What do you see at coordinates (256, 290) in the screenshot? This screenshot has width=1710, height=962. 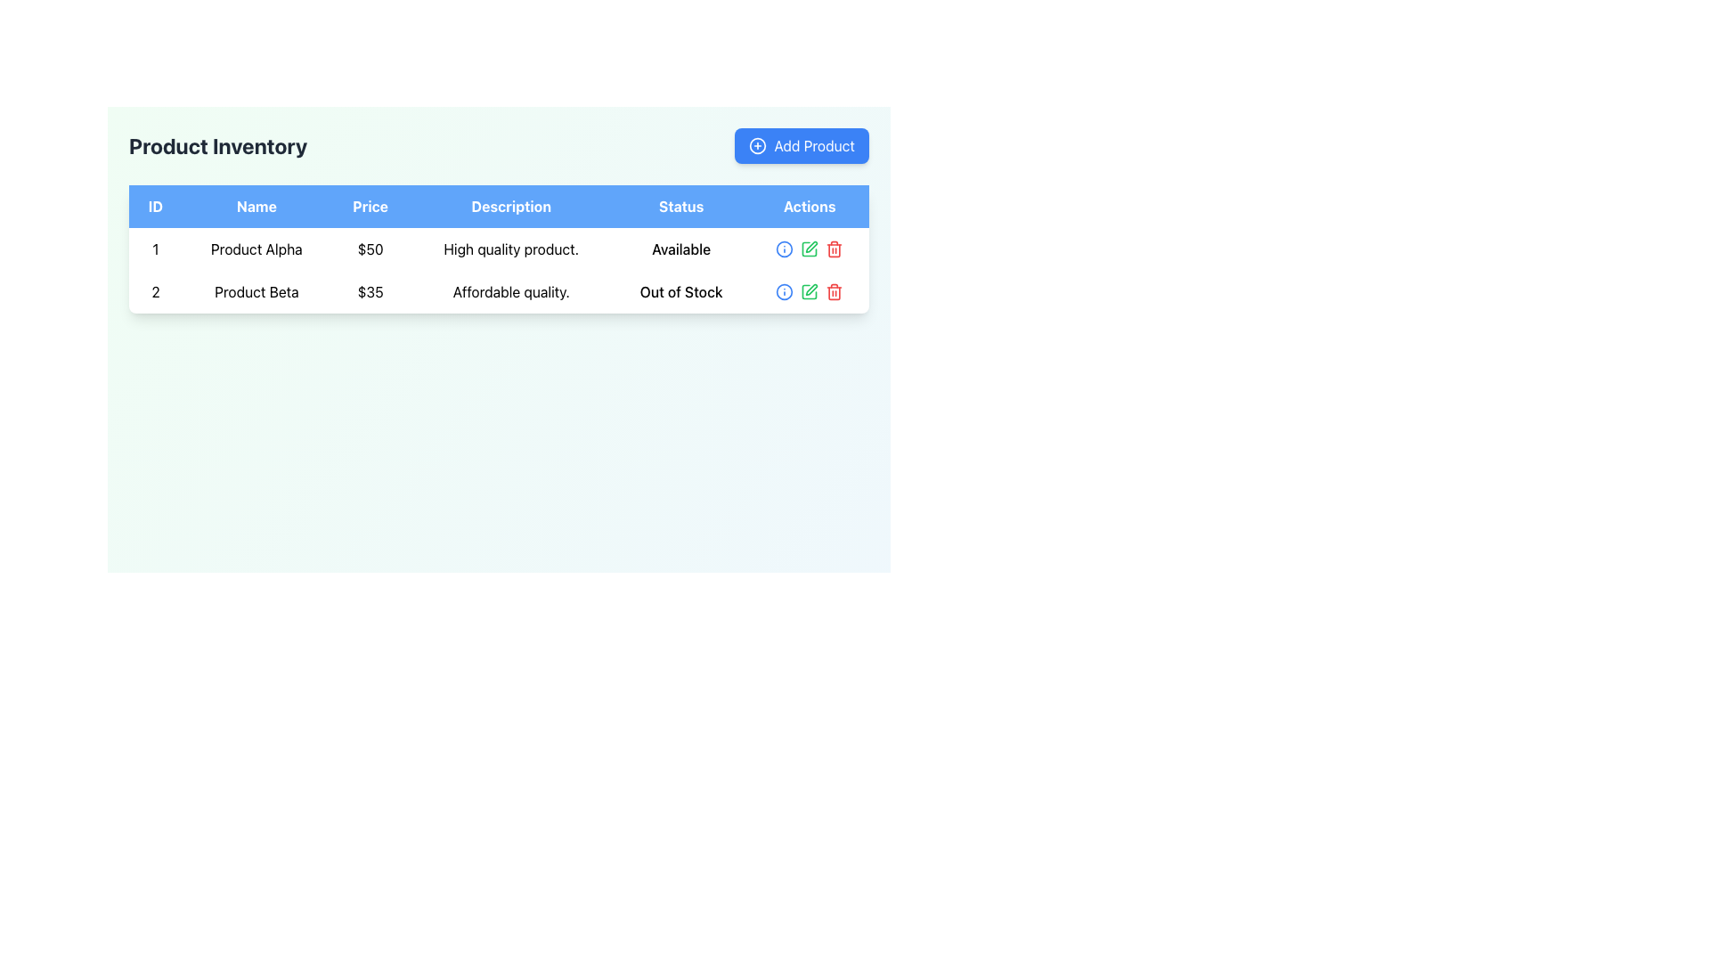 I see `the text label displaying 'Product Beta', which is the second item in the 'Name' column of the product inventory table` at bounding box center [256, 290].